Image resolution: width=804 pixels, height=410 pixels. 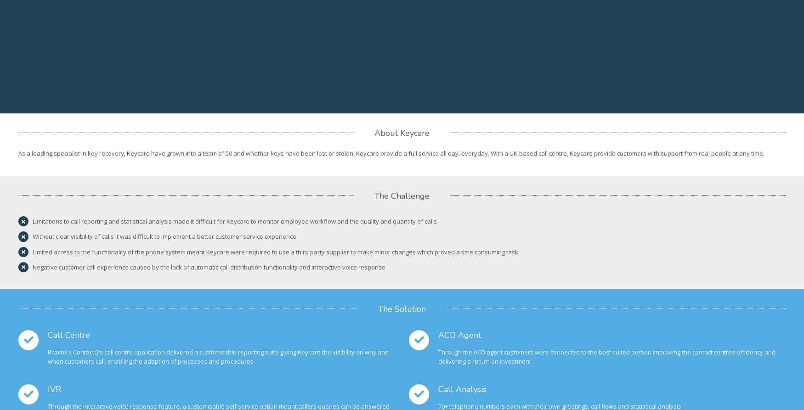 I want to click on 'The Solution', so click(x=402, y=309).